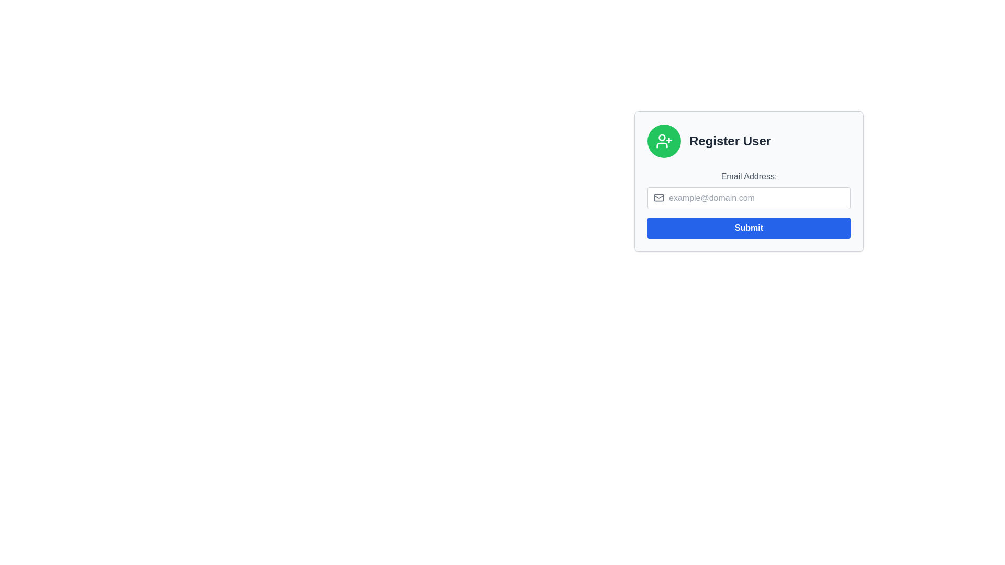  Describe the element at coordinates (658, 198) in the screenshot. I see `the envelope icon representing an email symbol, which is styled in gray and positioned to the left of the 'Email Address' input field` at that location.